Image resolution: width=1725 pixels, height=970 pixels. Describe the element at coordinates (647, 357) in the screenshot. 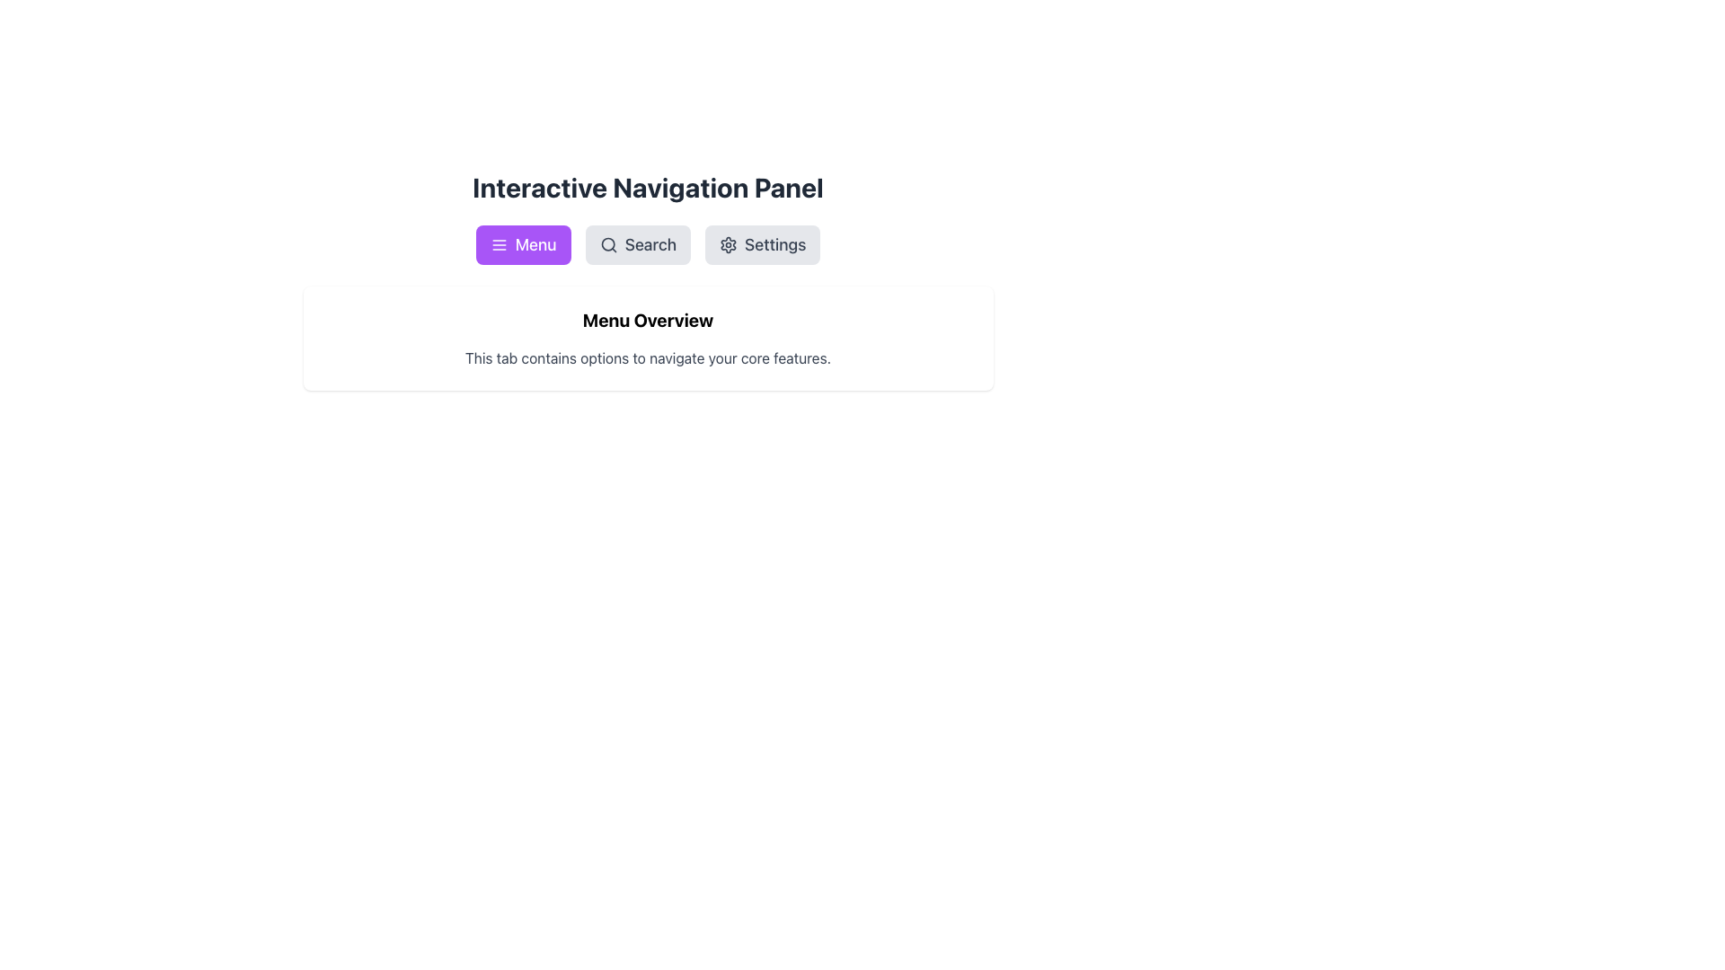

I see `the informative text element located directly below the 'Menu Overview' title, which is horizontally centered under the 'Interactive Navigation Panel.'` at that location.